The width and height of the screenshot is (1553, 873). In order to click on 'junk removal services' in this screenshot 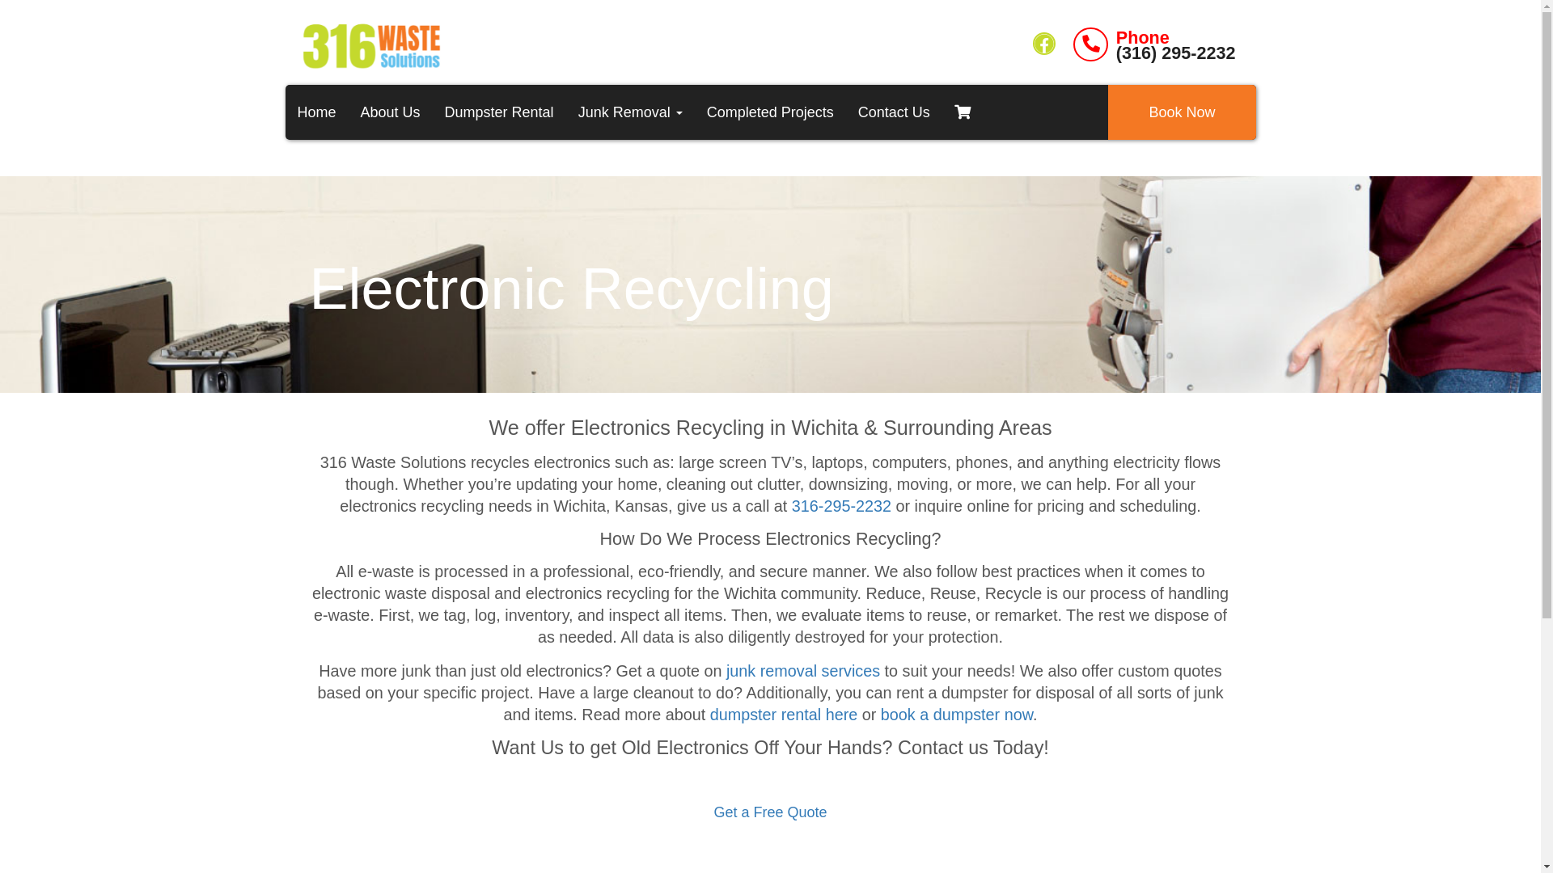, I will do `click(803, 670)`.